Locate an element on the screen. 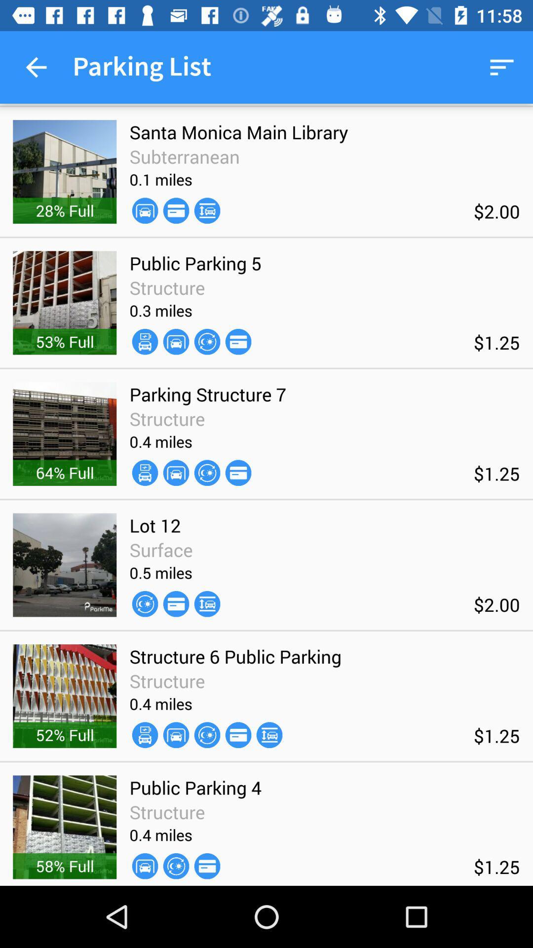 The height and width of the screenshot is (948, 533). the item below 0.5 miles icon is located at coordinates (207, 603).